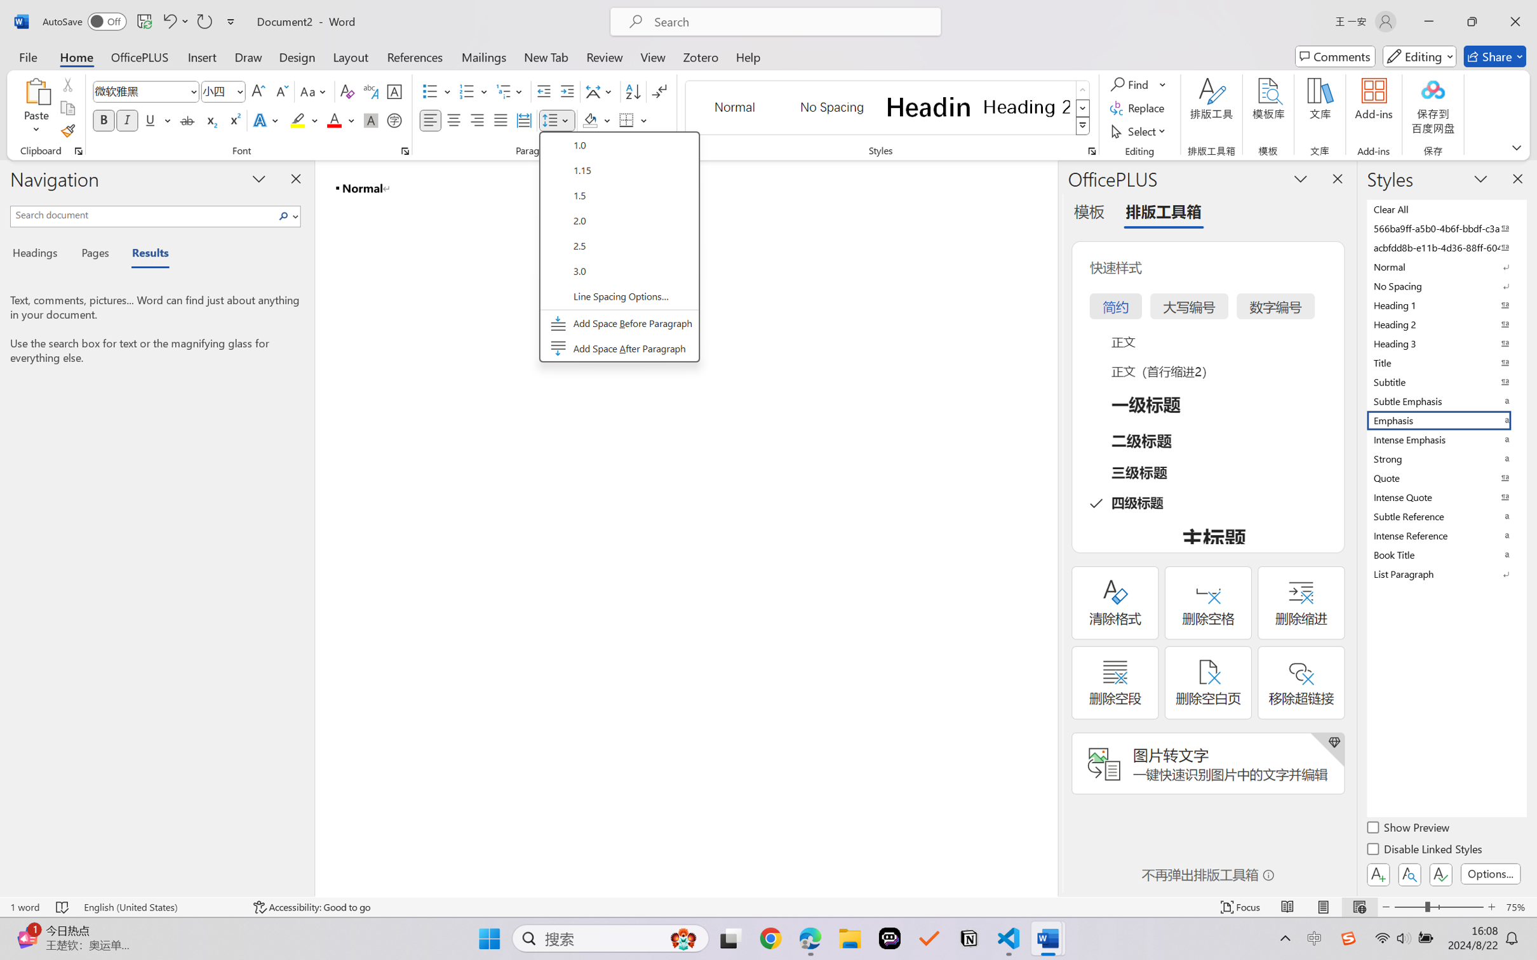  What do you see at coordinates (567, 91) in the screenshot?
I see `'Increase Indent'` at bounding box center [567, 91].